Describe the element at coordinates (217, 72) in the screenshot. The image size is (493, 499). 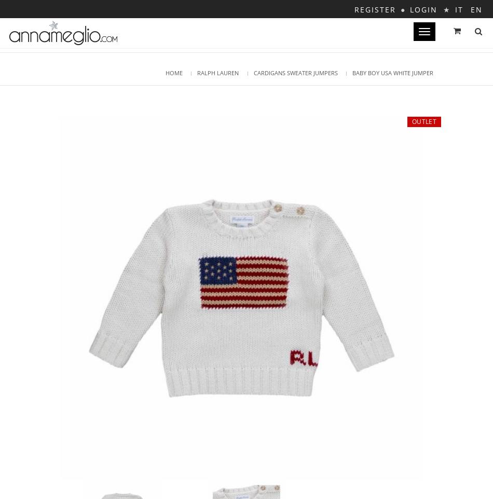
I see `'RALPH LAUREN'` at that location.